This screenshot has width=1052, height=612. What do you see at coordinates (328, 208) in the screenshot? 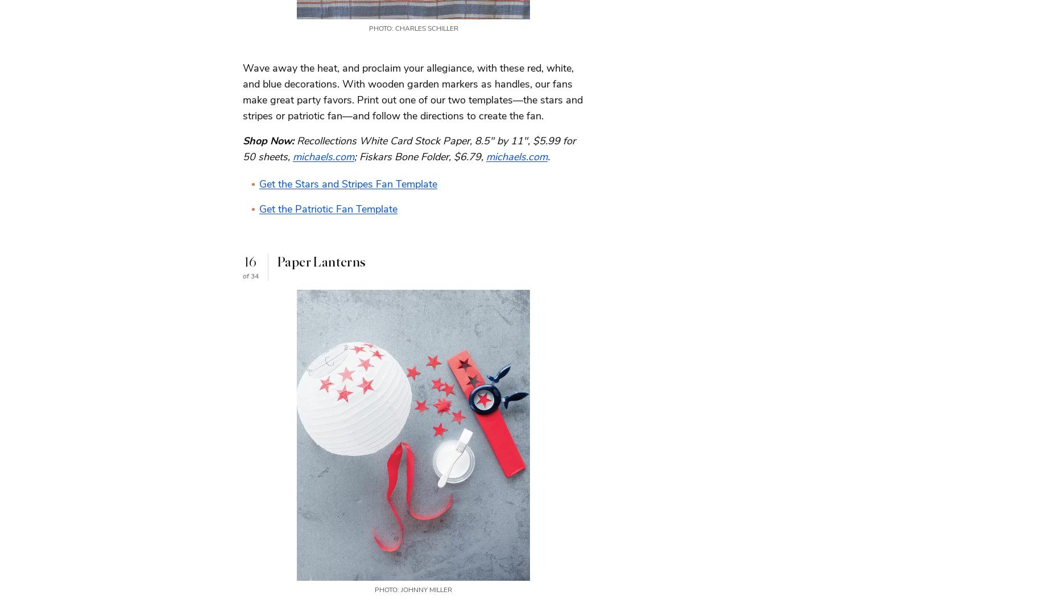
I see `'Get the Patriotic Fan Template'` at bounding box center [328, 208].